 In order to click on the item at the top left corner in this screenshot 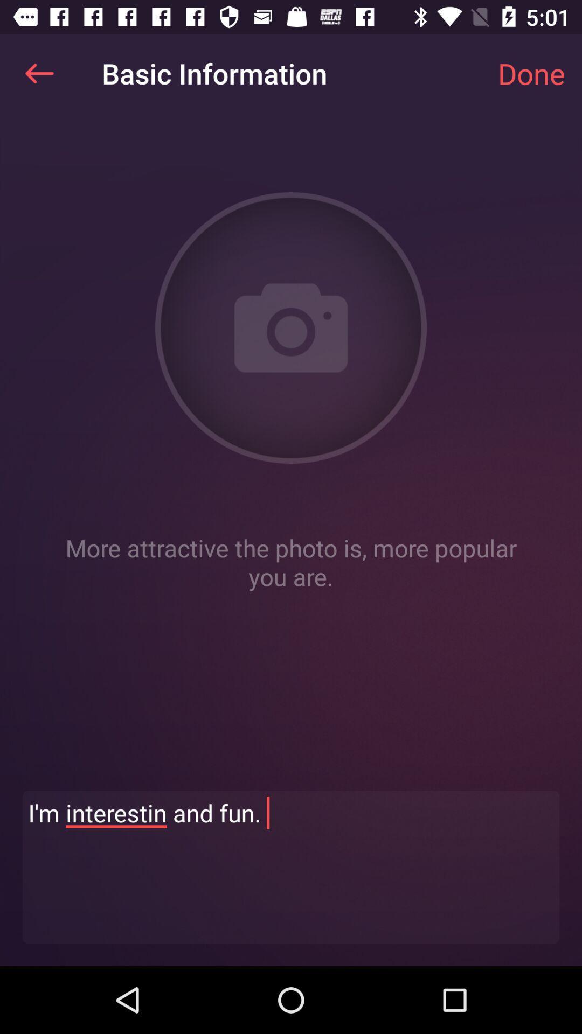, I will do `click(39, 73)`.